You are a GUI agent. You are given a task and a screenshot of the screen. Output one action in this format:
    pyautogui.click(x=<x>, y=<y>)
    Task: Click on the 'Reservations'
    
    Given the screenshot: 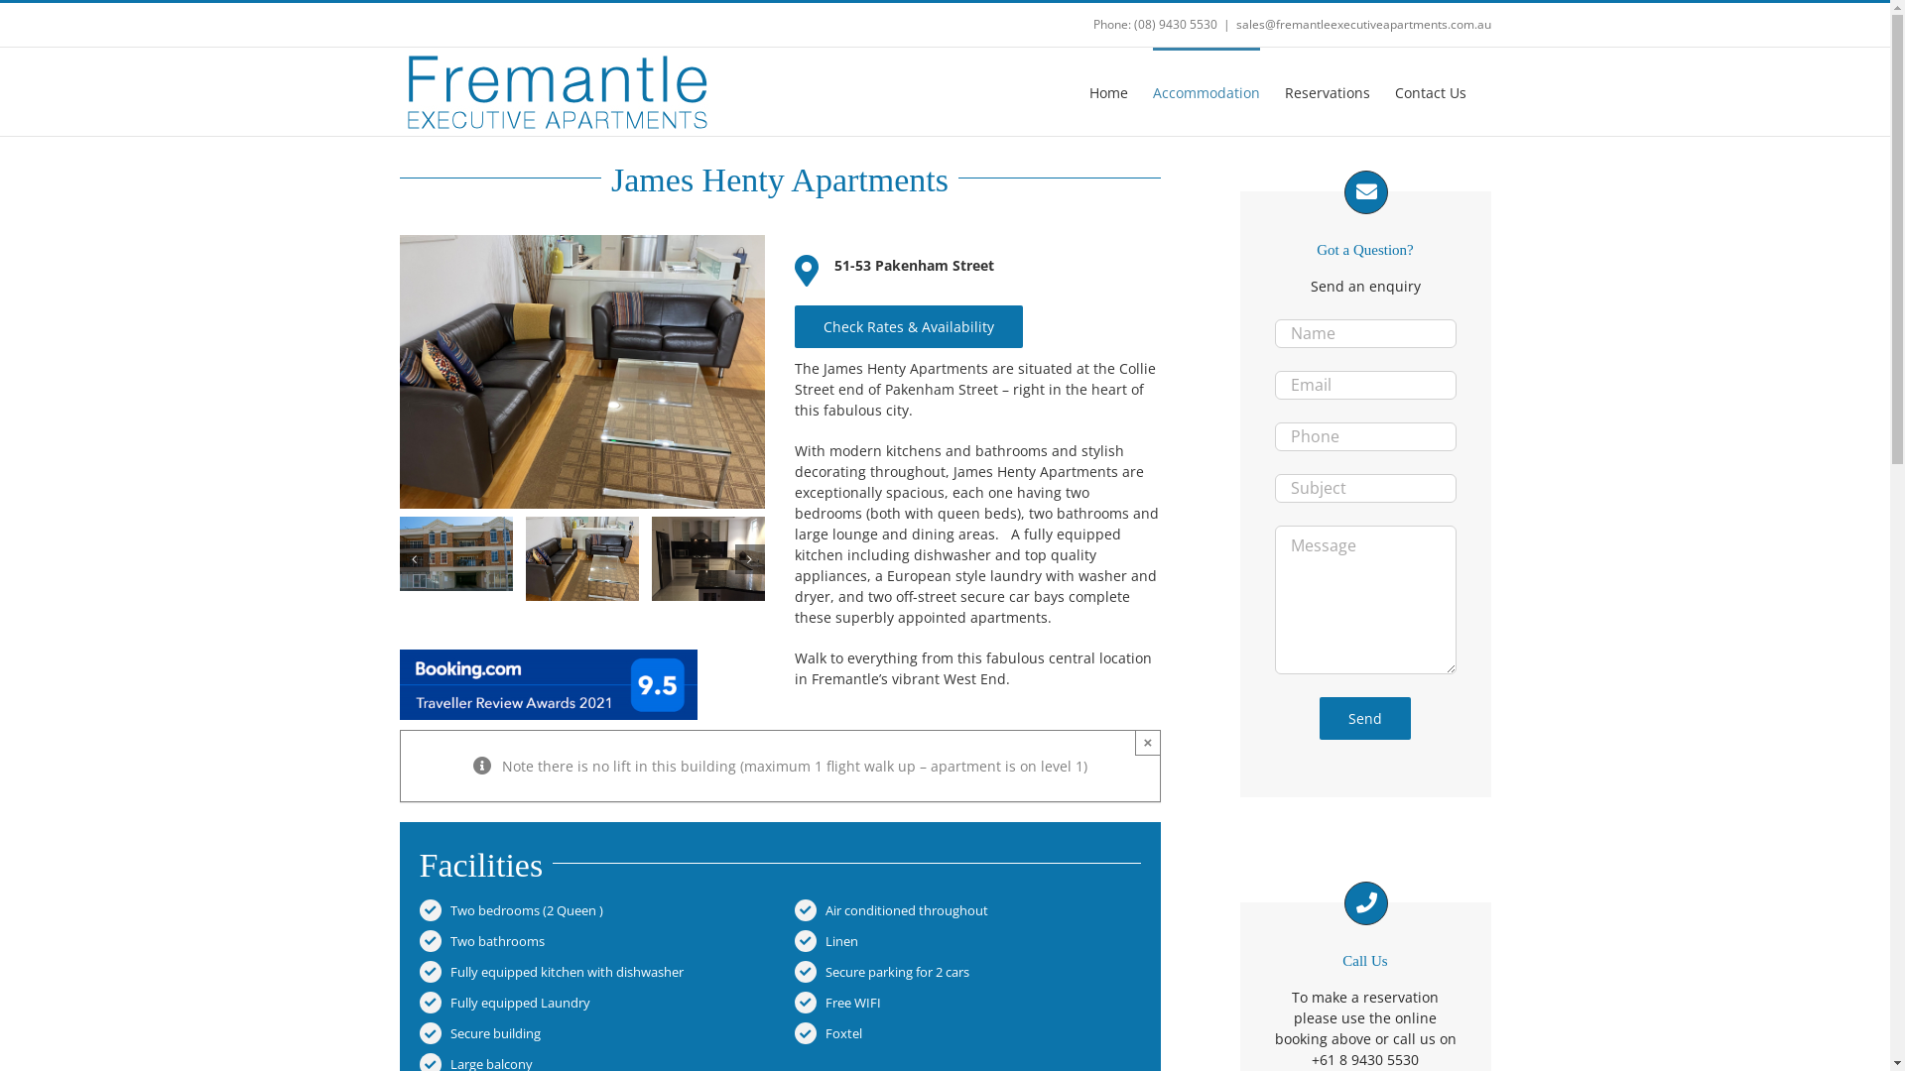 What is the action you would take?
    pyautogui.click(x=1327, y=91)
    